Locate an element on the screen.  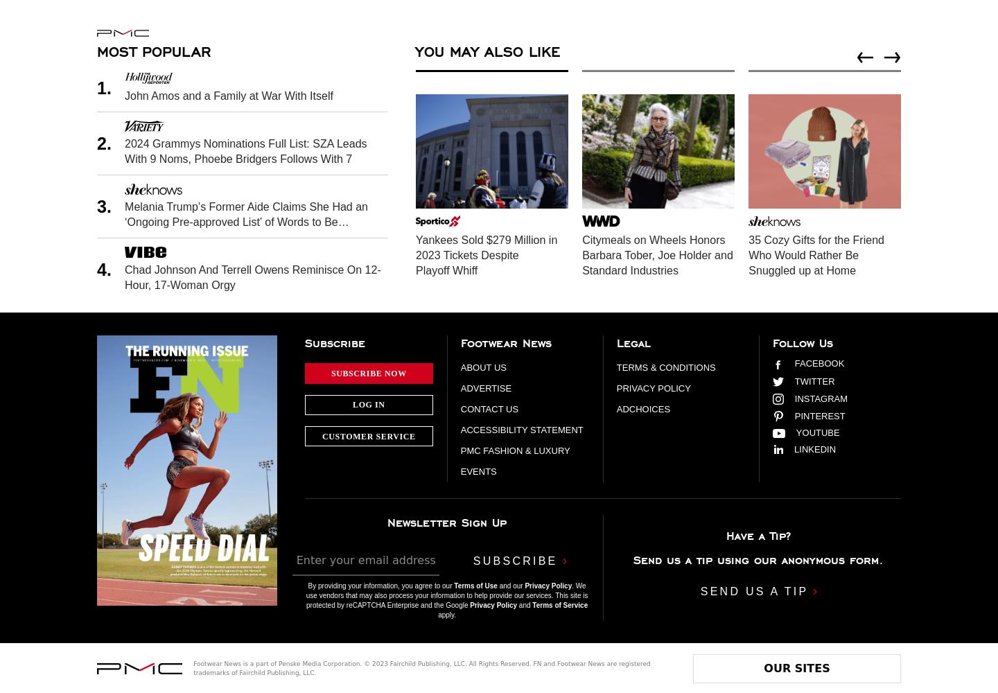
'Yankees Sold $279 Million in 2023 Tickets Despite Playoff Whiff' is located at coordinates (485, 254).